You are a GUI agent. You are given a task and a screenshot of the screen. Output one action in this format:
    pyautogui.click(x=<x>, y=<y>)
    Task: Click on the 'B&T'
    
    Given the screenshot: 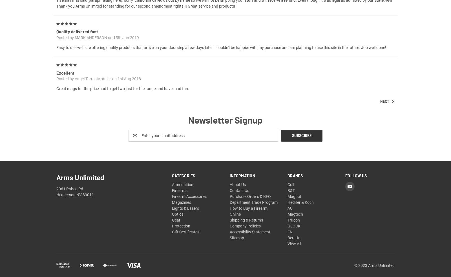 What is the action you would take?
    pyautogui.click(x=287, y=197)
    